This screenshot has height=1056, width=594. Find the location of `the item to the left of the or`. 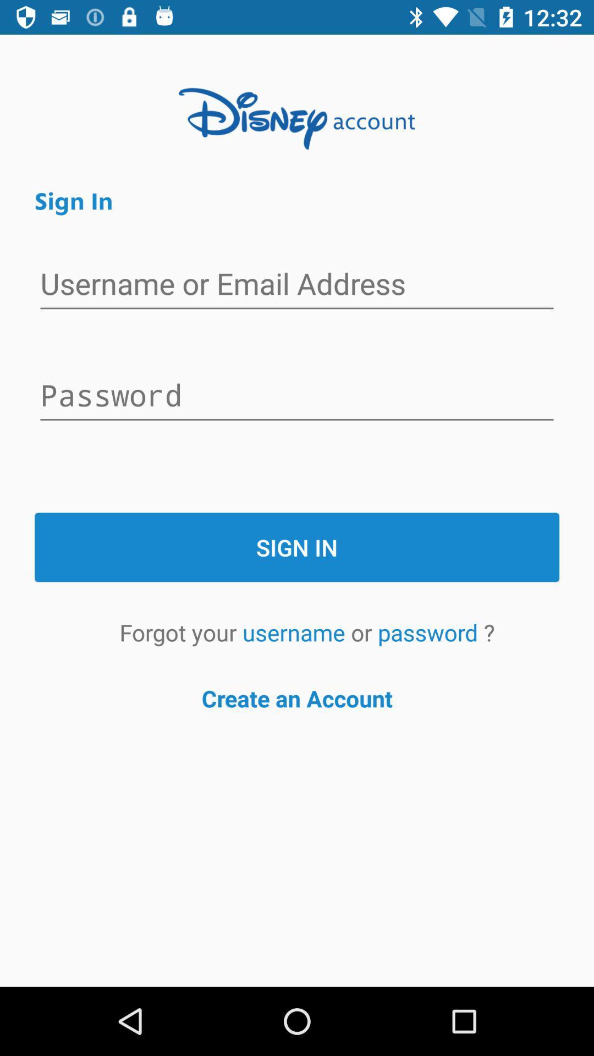

the item to the left of the or is located at coordinates (296, 632).